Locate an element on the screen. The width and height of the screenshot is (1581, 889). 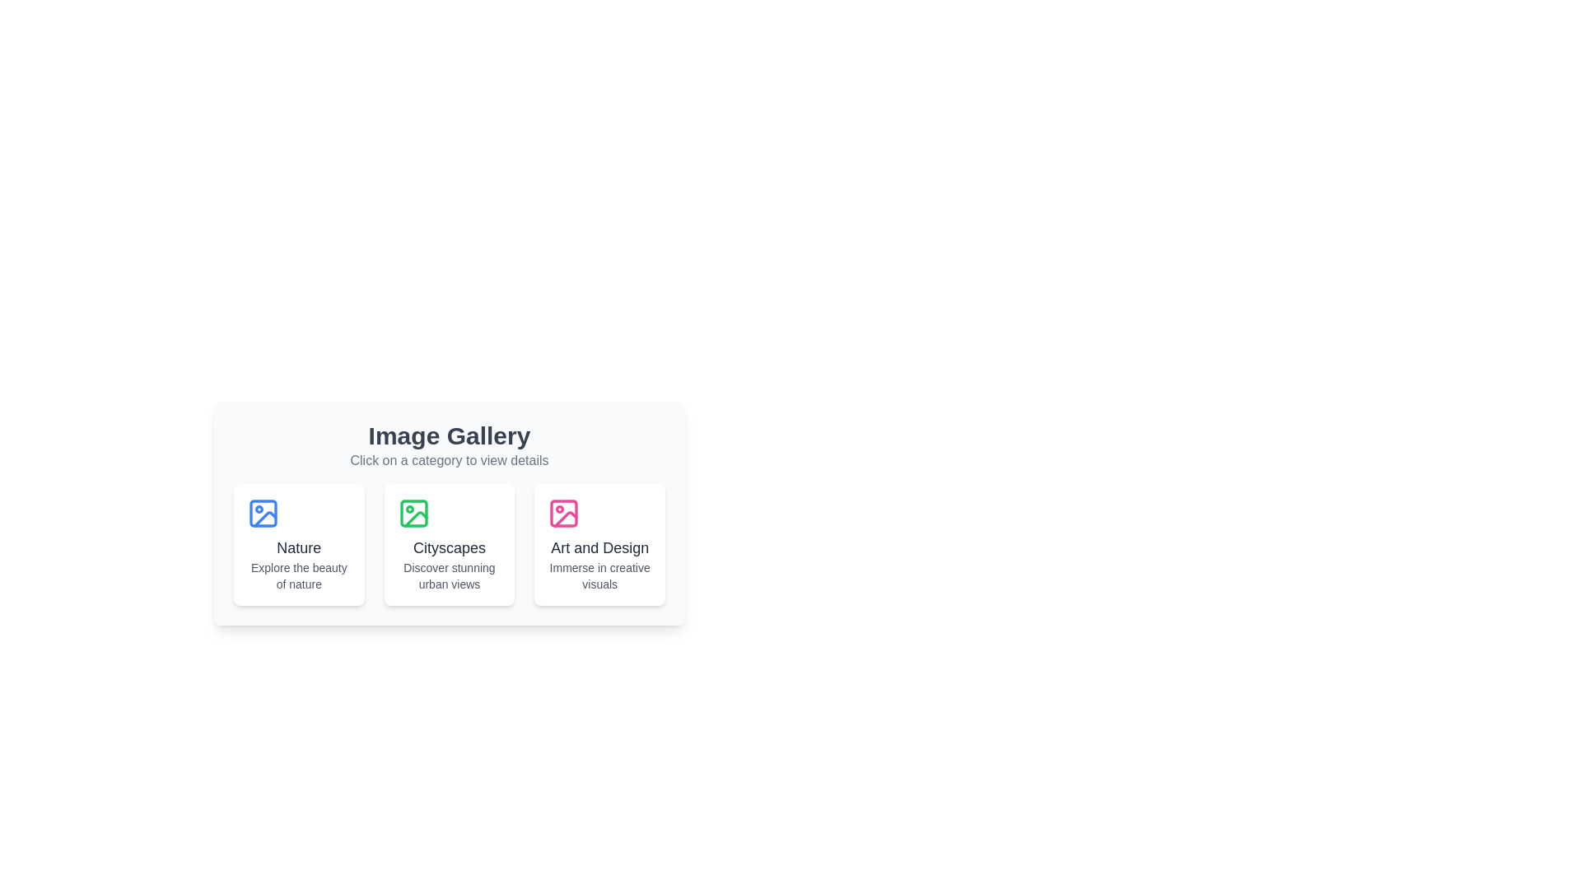
the 'Art and Design' category title text label, which is centrally located in the third card, positioned above the subtitle 'Immerse in creative visuals' and below the pink icon is located at coordinates (599, 548).